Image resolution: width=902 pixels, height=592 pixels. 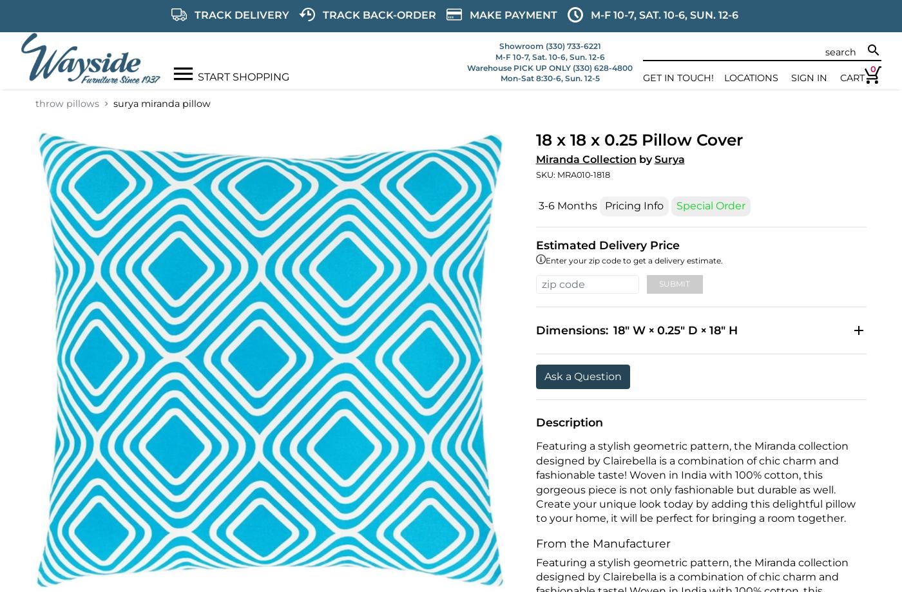 What do you see at coordinates (675, 283) in the screenshot?
I see `'Submit'` at bounding box center [675, 283].